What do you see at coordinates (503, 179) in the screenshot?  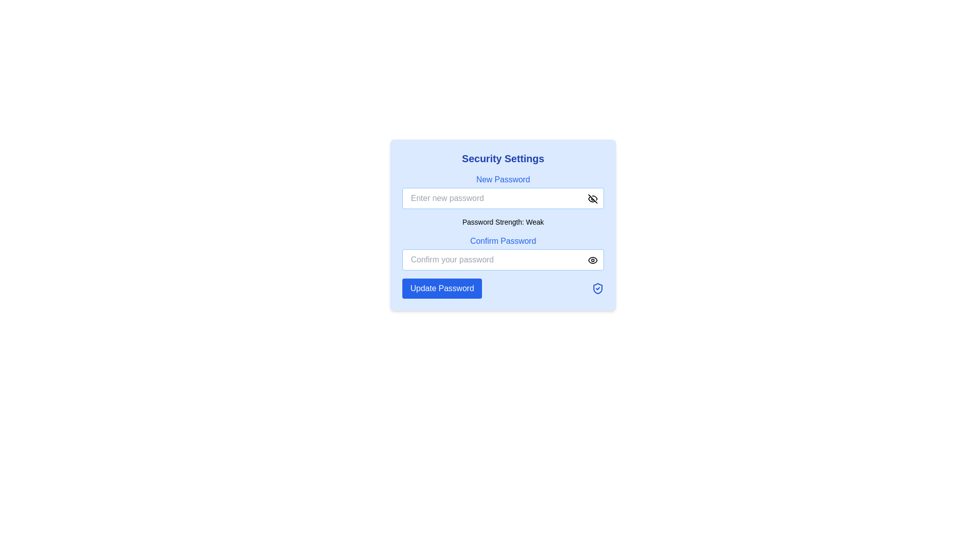 I see `the label for the new password input field located under 'Security Settings' to guide the user in entering a new password` at bounding box center [503, 179].